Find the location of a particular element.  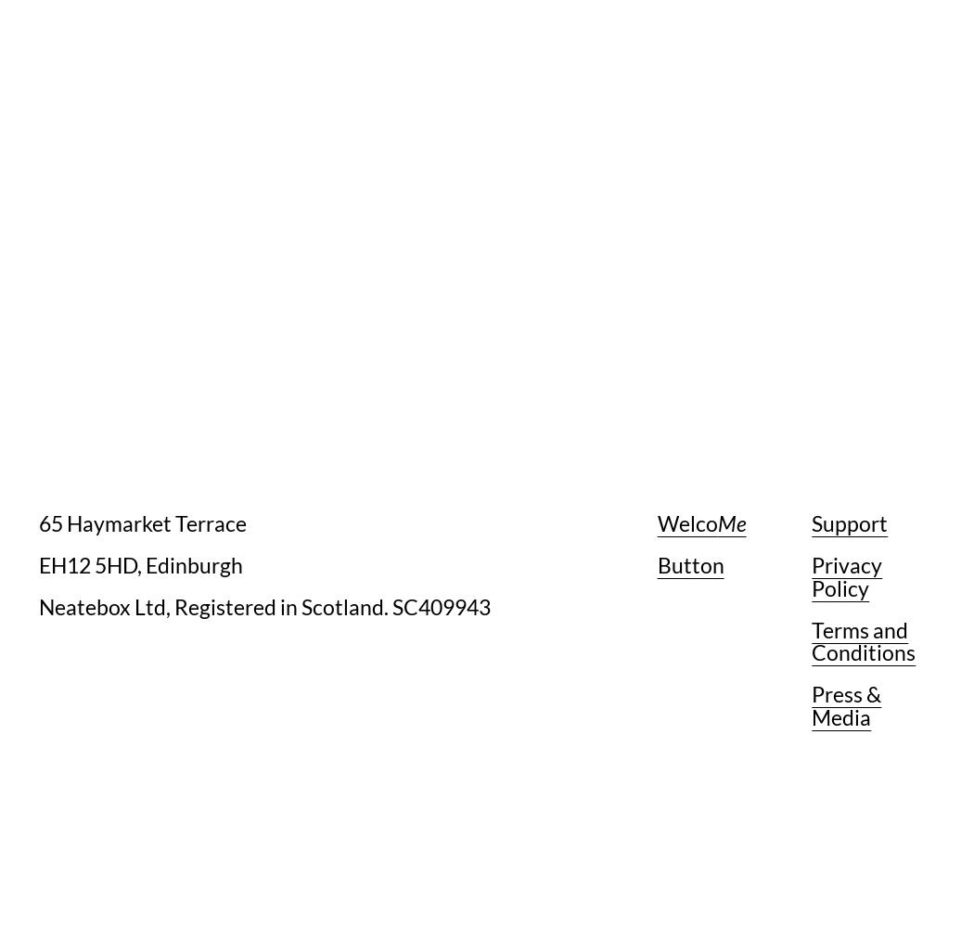

'Me' is located at coordinates (731, 522).